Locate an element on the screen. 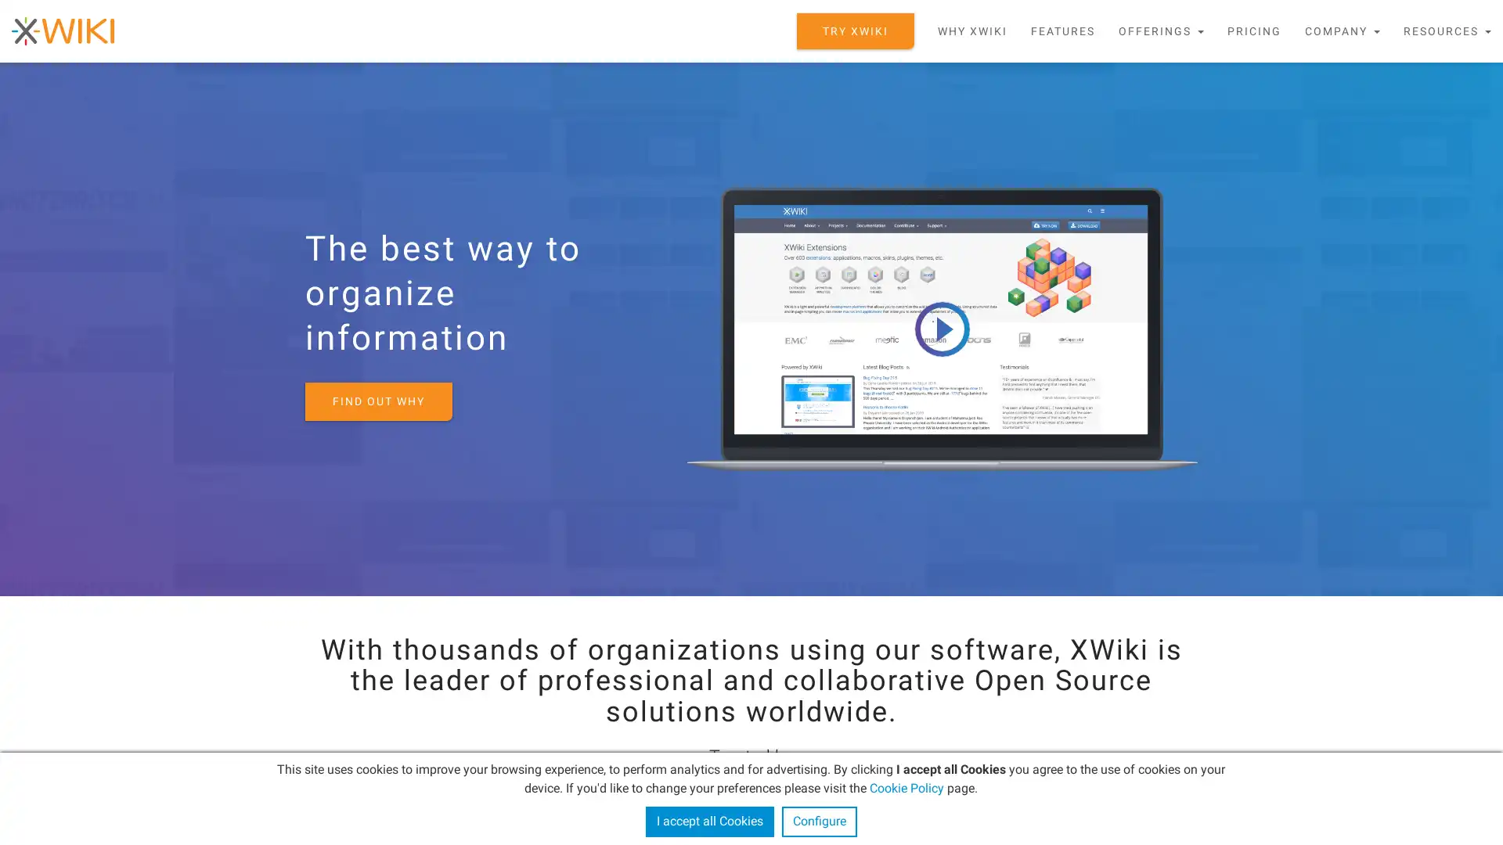 This screenshot has width=1503, height=845. Configure is located at coordinates (818, 821).